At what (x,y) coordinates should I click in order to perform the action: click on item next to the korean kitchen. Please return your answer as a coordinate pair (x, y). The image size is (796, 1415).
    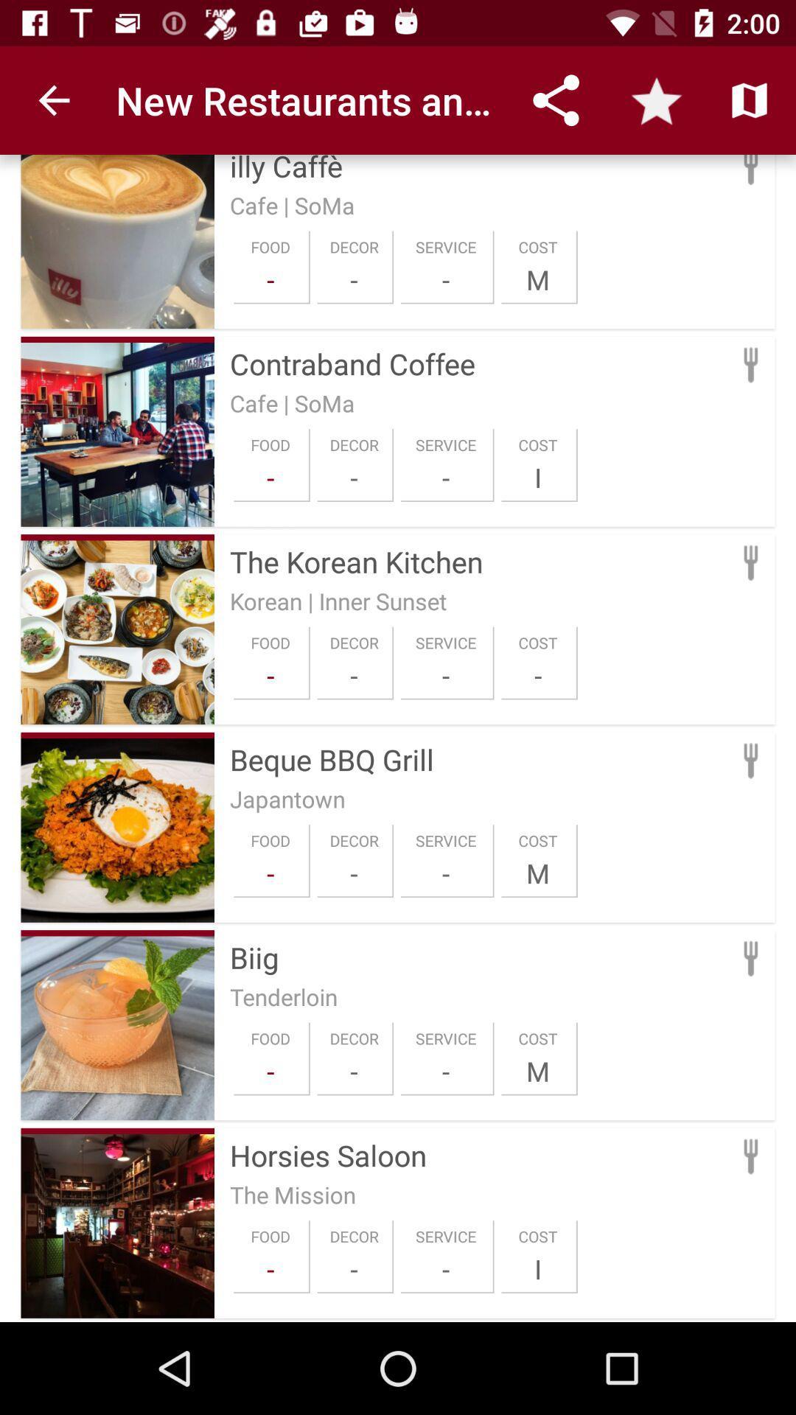
    Looking at the image, I should click on (116, 537).